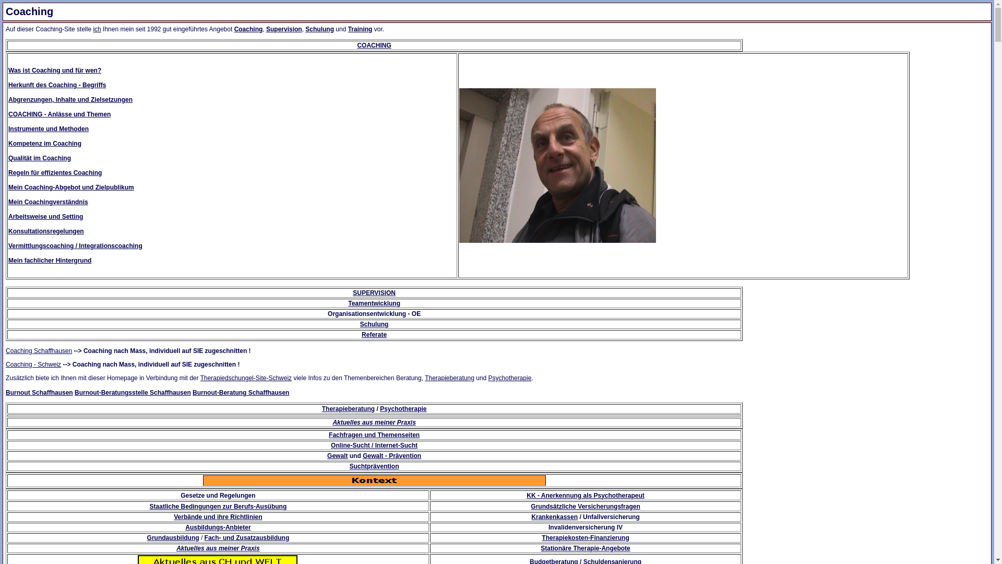  Describe the element at coordinates (74, 393) in the screenshot. I see `'Burnout-Beratungsstelle Schaffhausen'` at that location.